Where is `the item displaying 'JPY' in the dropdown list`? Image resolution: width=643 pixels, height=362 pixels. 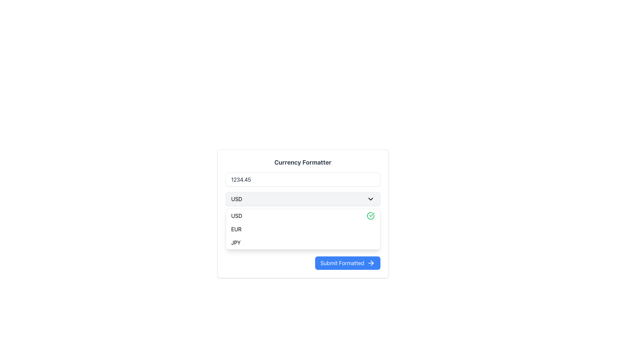
the item displaying 'JPY' in the dropdown list is located at coordinates (302, 243).